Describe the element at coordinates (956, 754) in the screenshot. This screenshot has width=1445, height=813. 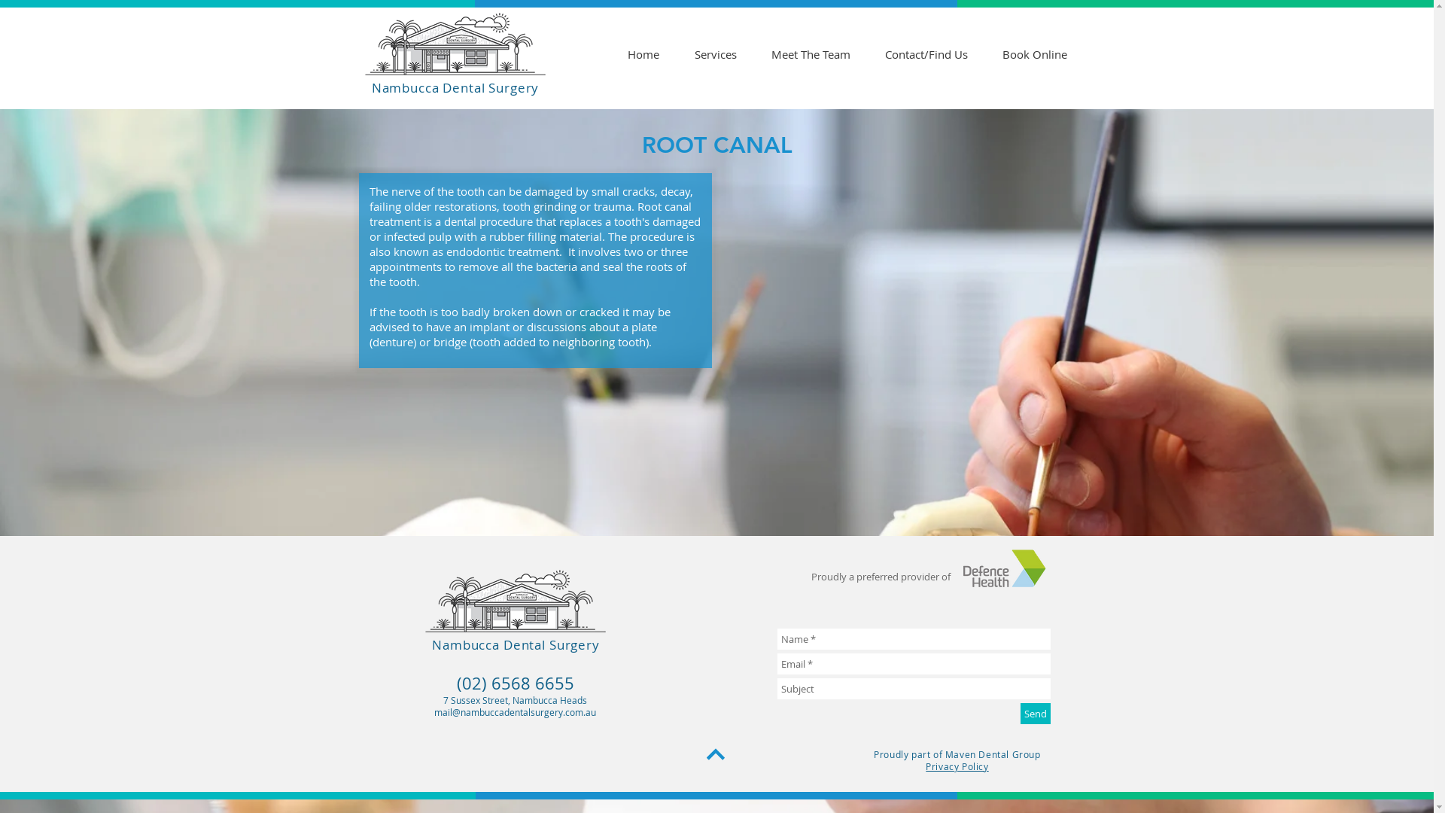
I see `'Proudly part of Maven Dental Group'` at that location.